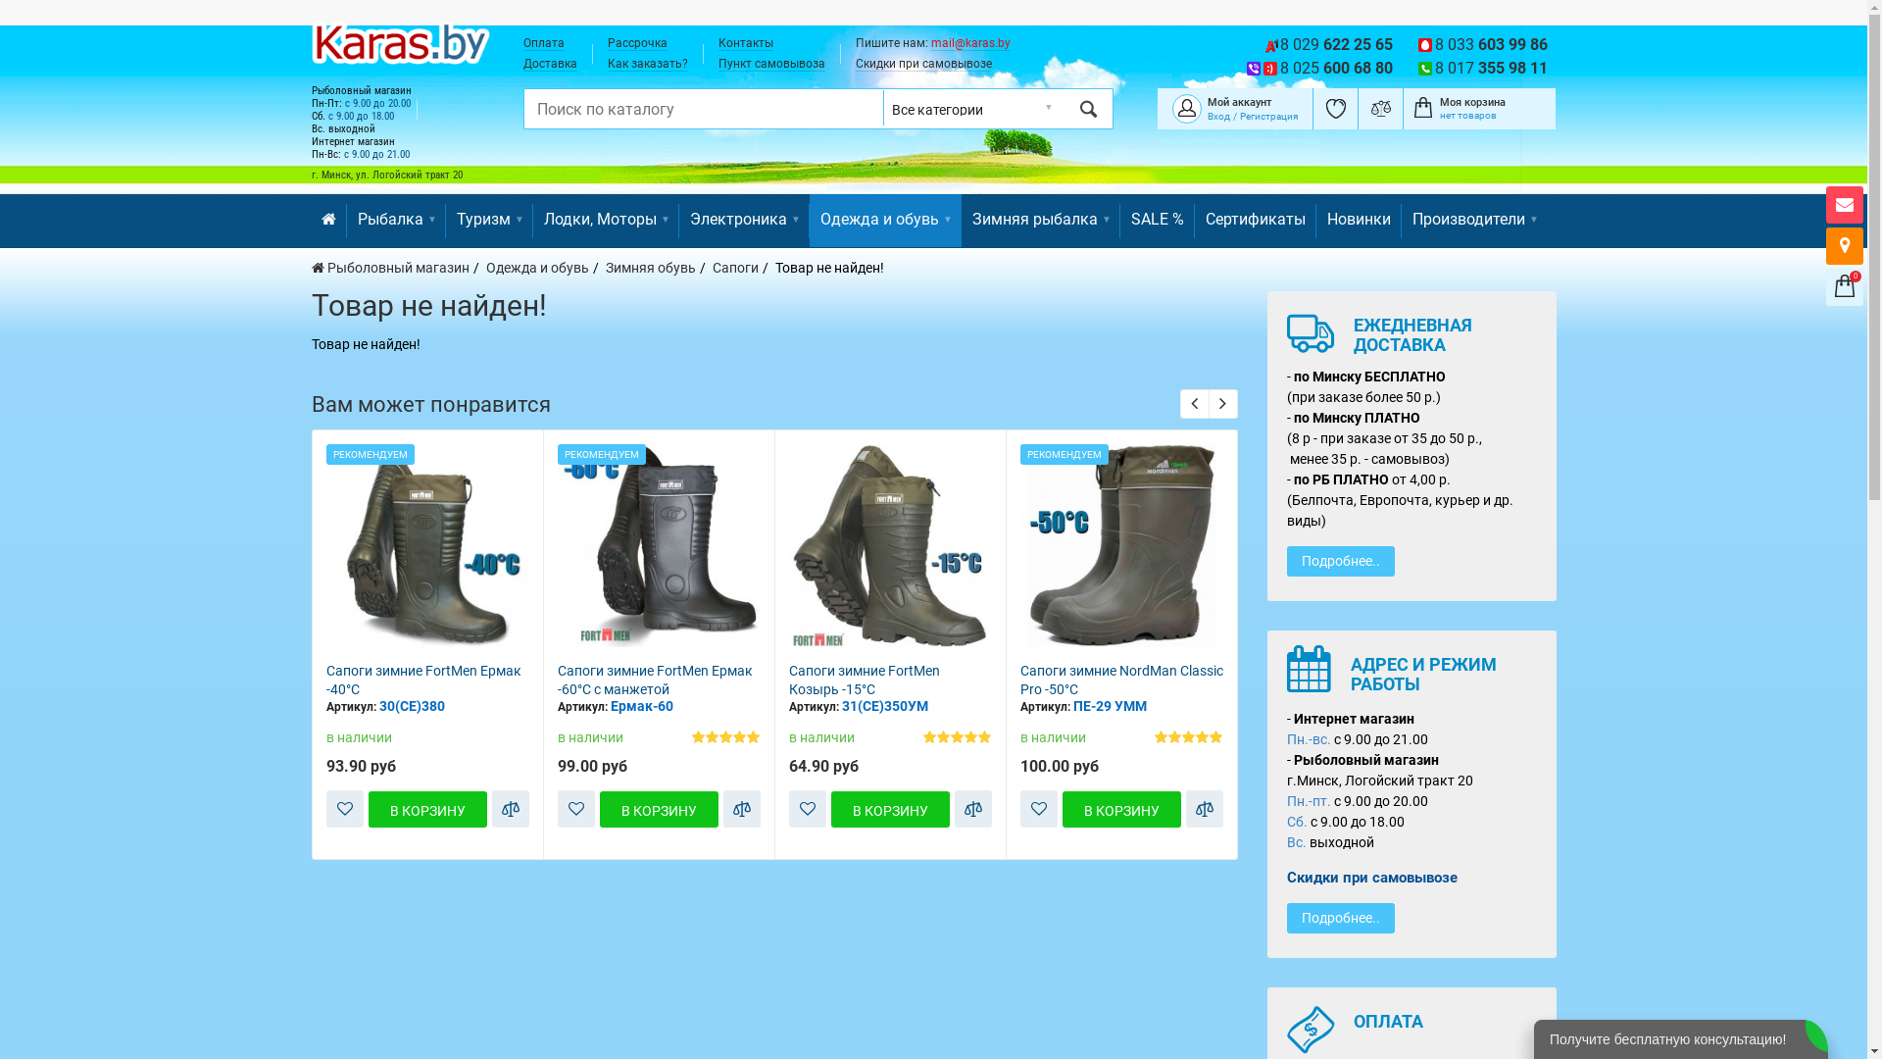 Image resolution: width=1882 pixels, height=1059 pixels. What do you see at coordinates (1335, 44) in the screenshot?
I see `'8 029 622 25 65'` at bounding box center [1335, 44].